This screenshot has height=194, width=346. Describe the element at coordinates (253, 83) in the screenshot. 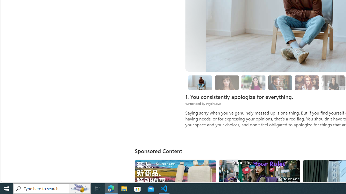

I see `'4. You can name and understand your feelings.'` at that location.